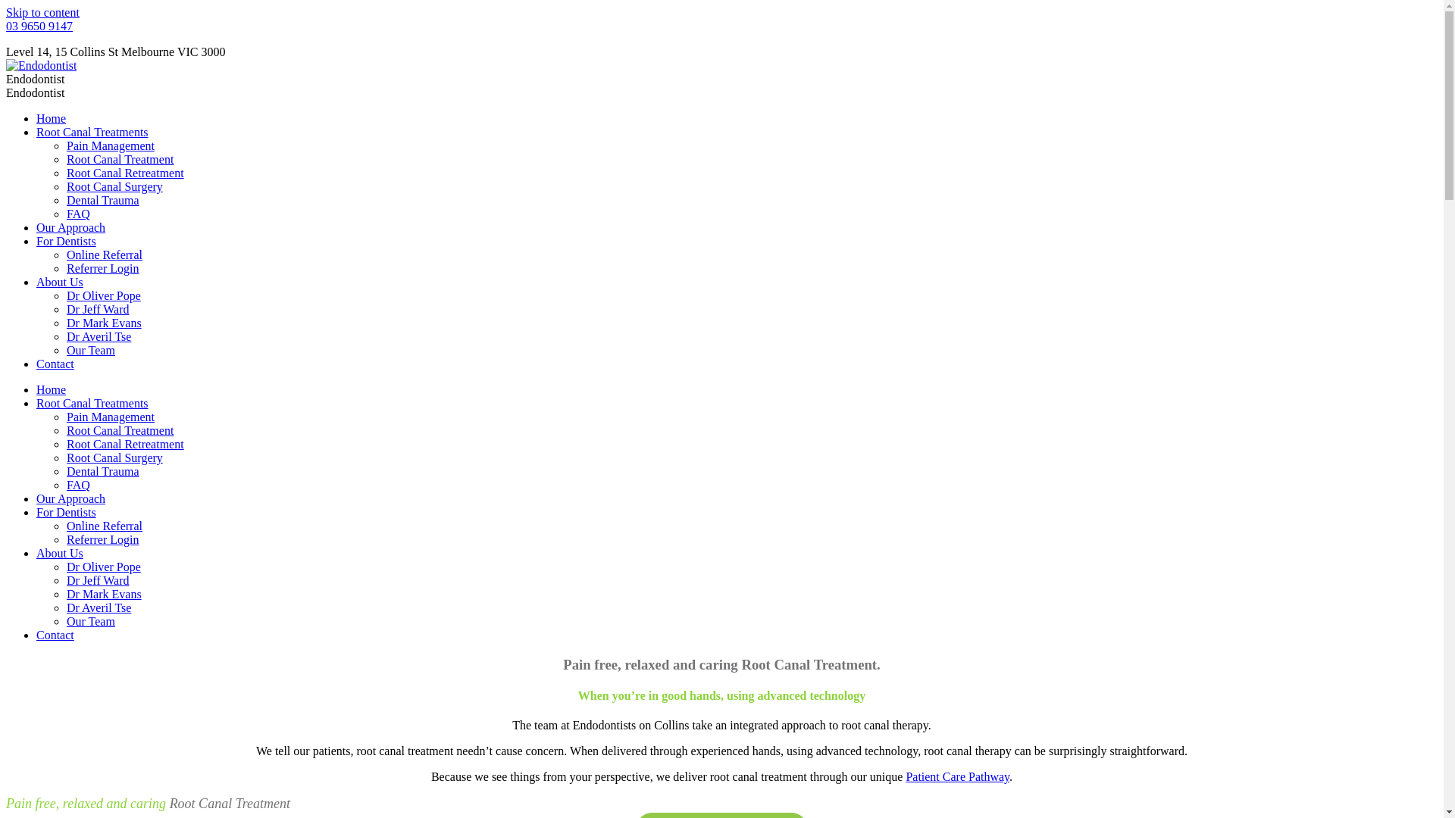  What do you see at coordinates (70, 227) in the screenshot?
I see `'Our Approach'` at bounding box center [70, 227].